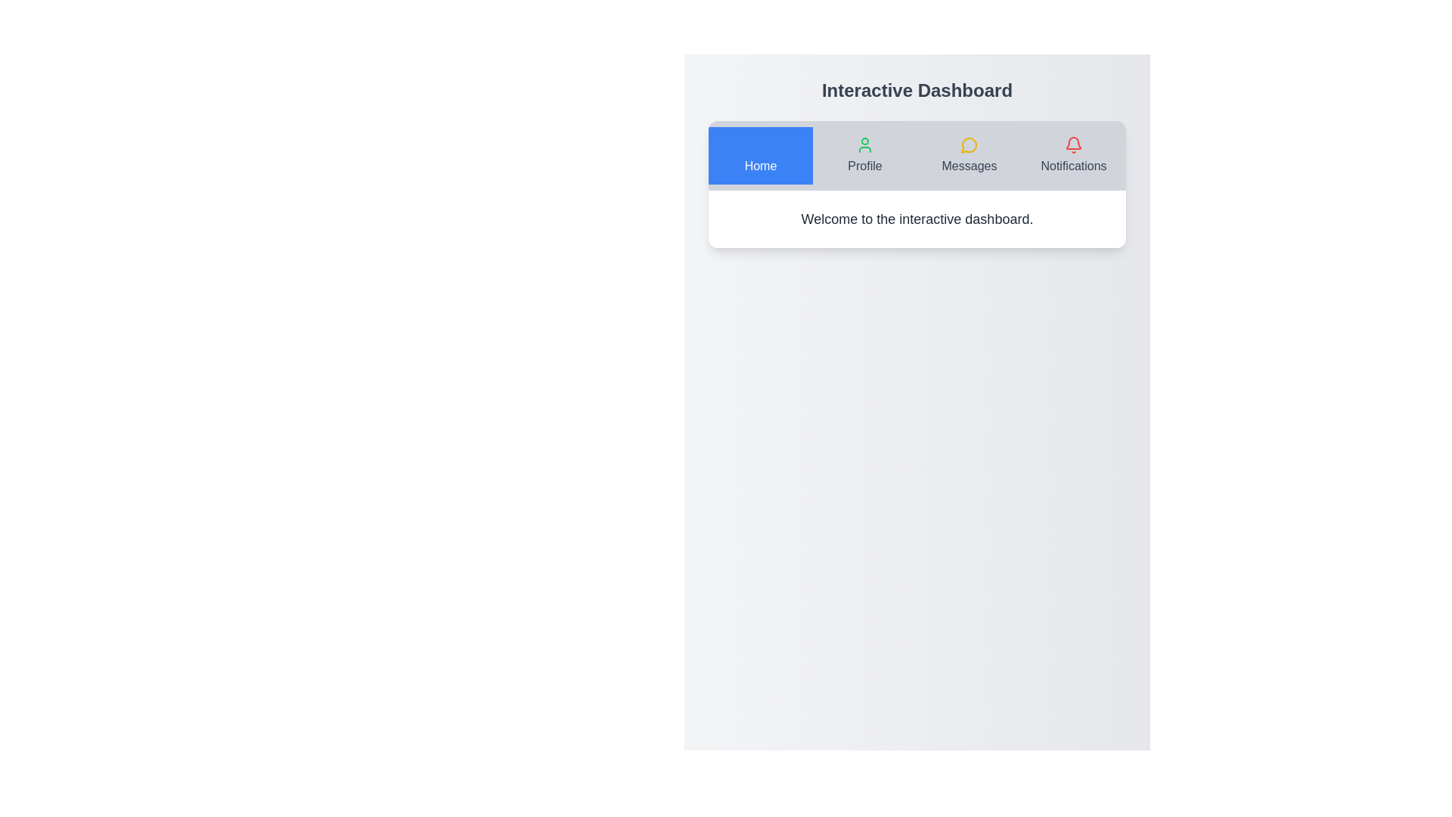  I want to click on the 'Profile' button with a green user icon above the text in the navigation bar, so click(864, 155).